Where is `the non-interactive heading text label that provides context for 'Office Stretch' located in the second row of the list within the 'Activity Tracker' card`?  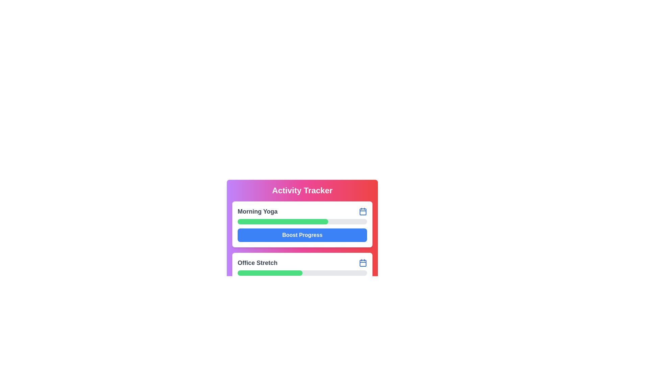 the non-interactive heading text label that provides context for 'Office Stretch' located in the second row of the list within the 'Activity Tracker' card is located at coordinates (257, 263).